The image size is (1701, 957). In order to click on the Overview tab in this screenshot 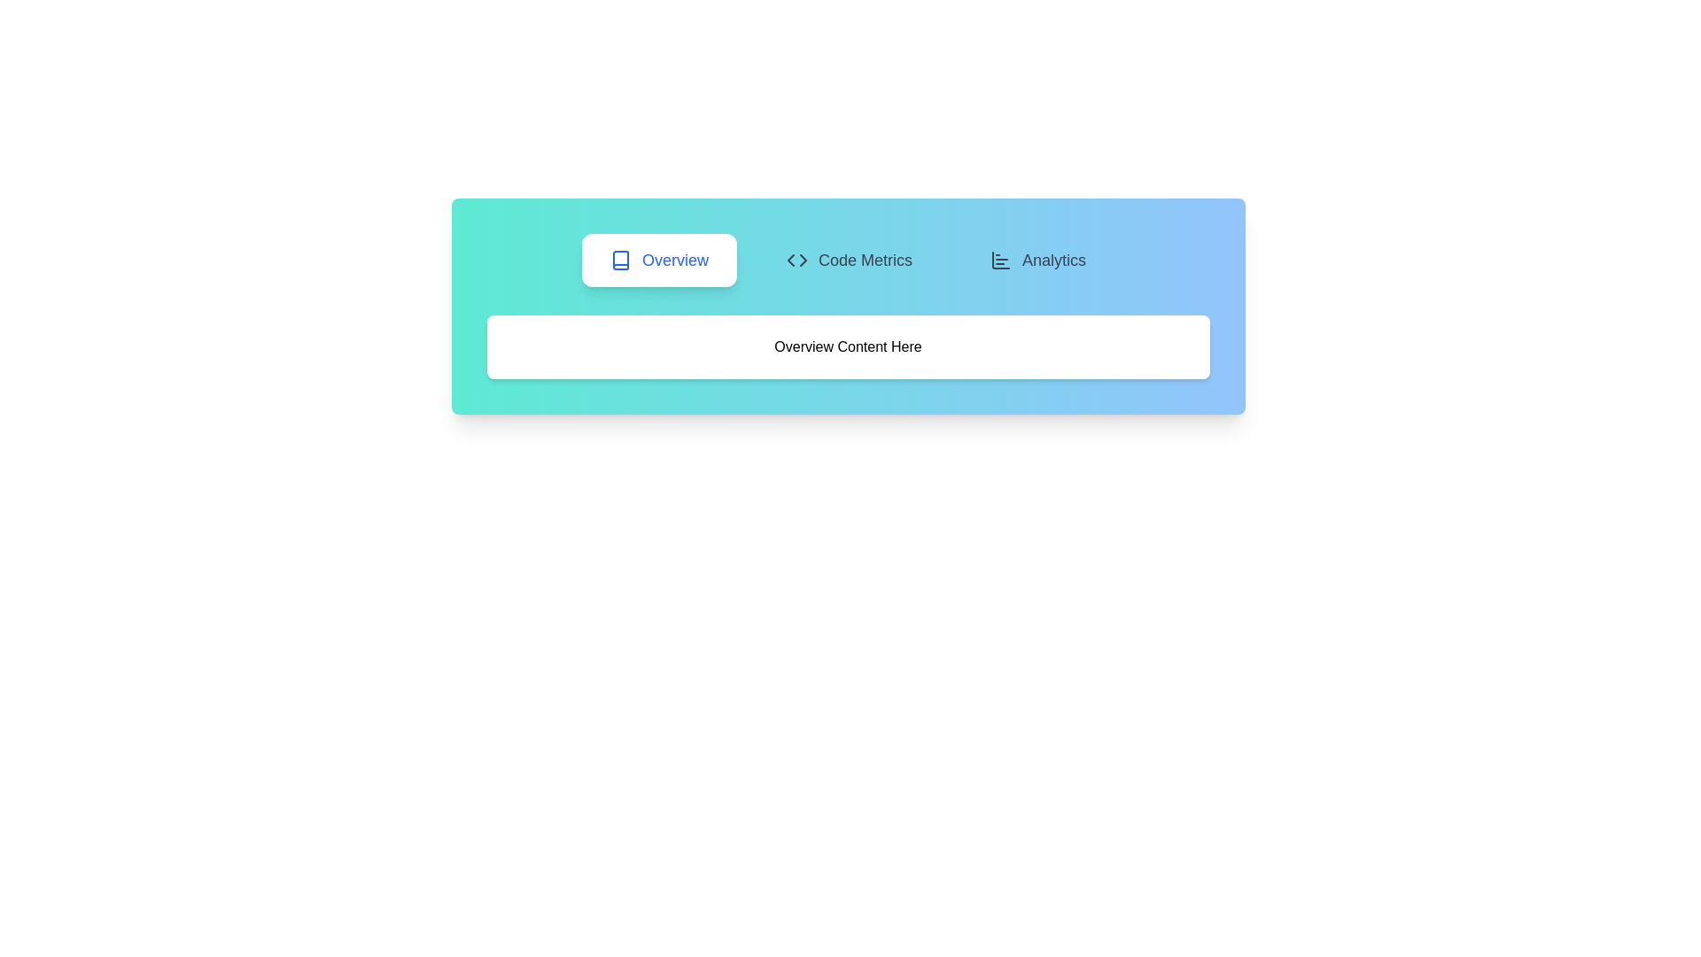, I will do `click(658, 260)`.